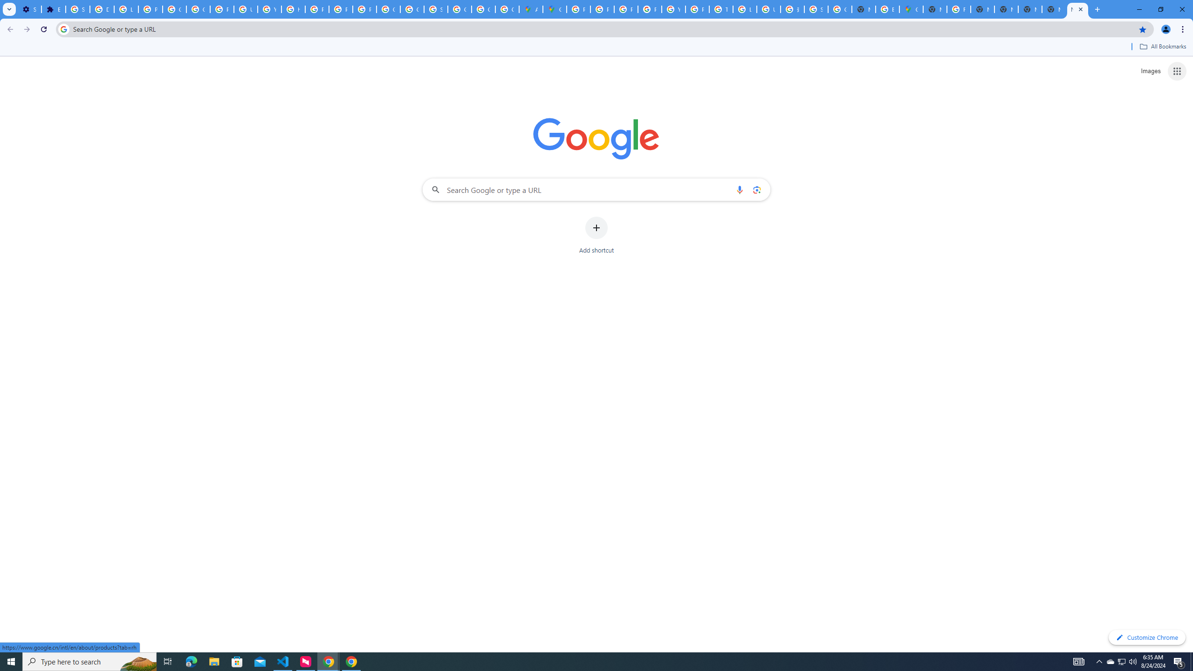 The width and height of the screenshot is (1193, 671). I want to click on 'Delete photos & videos - Computer - Google Photos Help', so click(101, 9).